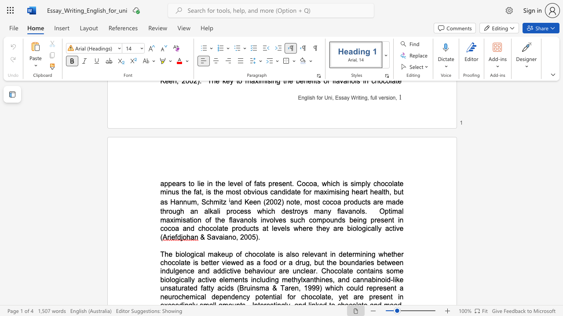 The image size is (563, 316). Describe the element at coordinates (200, 237) in the screenshot. I see `the subset text "& Savaiano, 2005)." within the text "& Savaiano, 2005)."` at that location.